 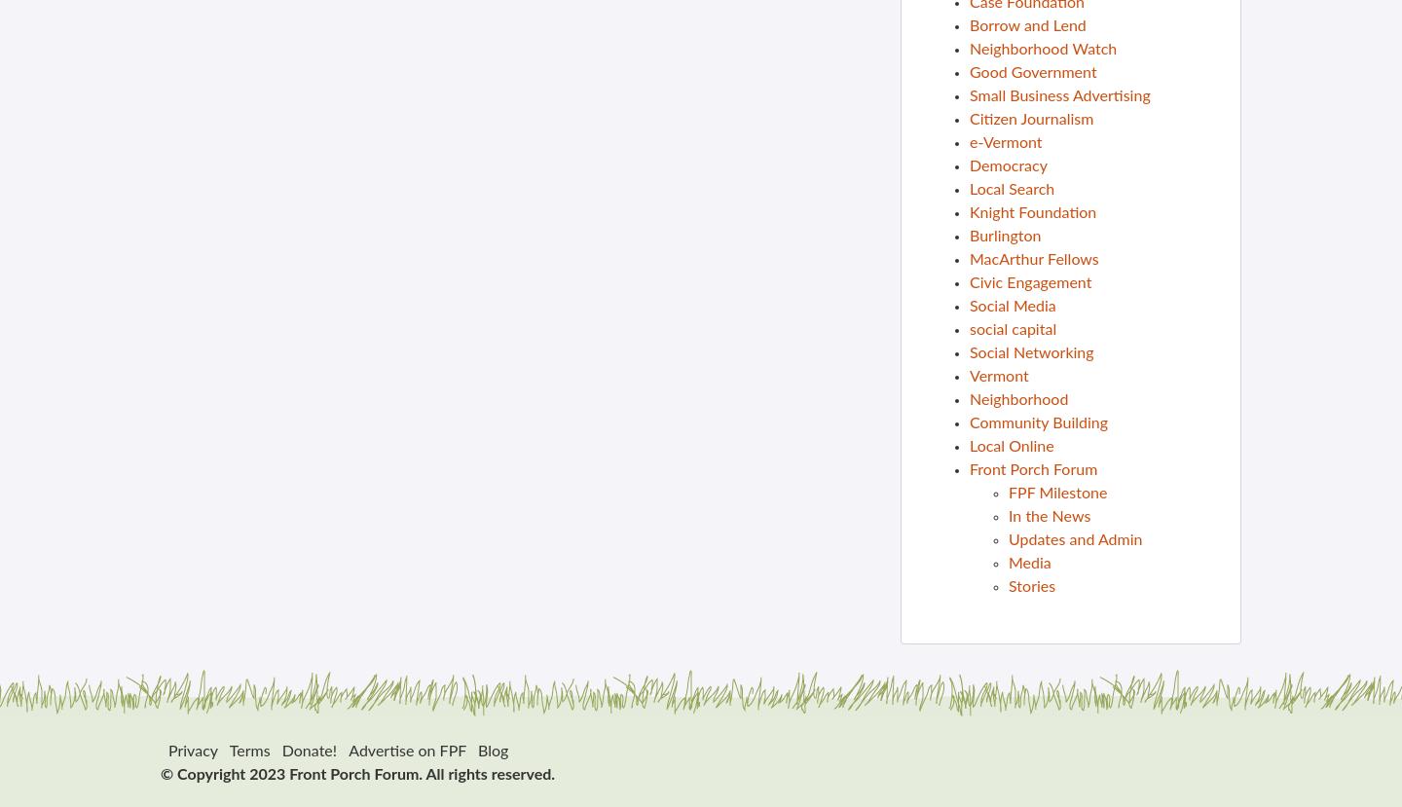 I want to click on '© Copyright 2023 Front Porch Forum. All rights reserved.', so click(x=356, y=773).